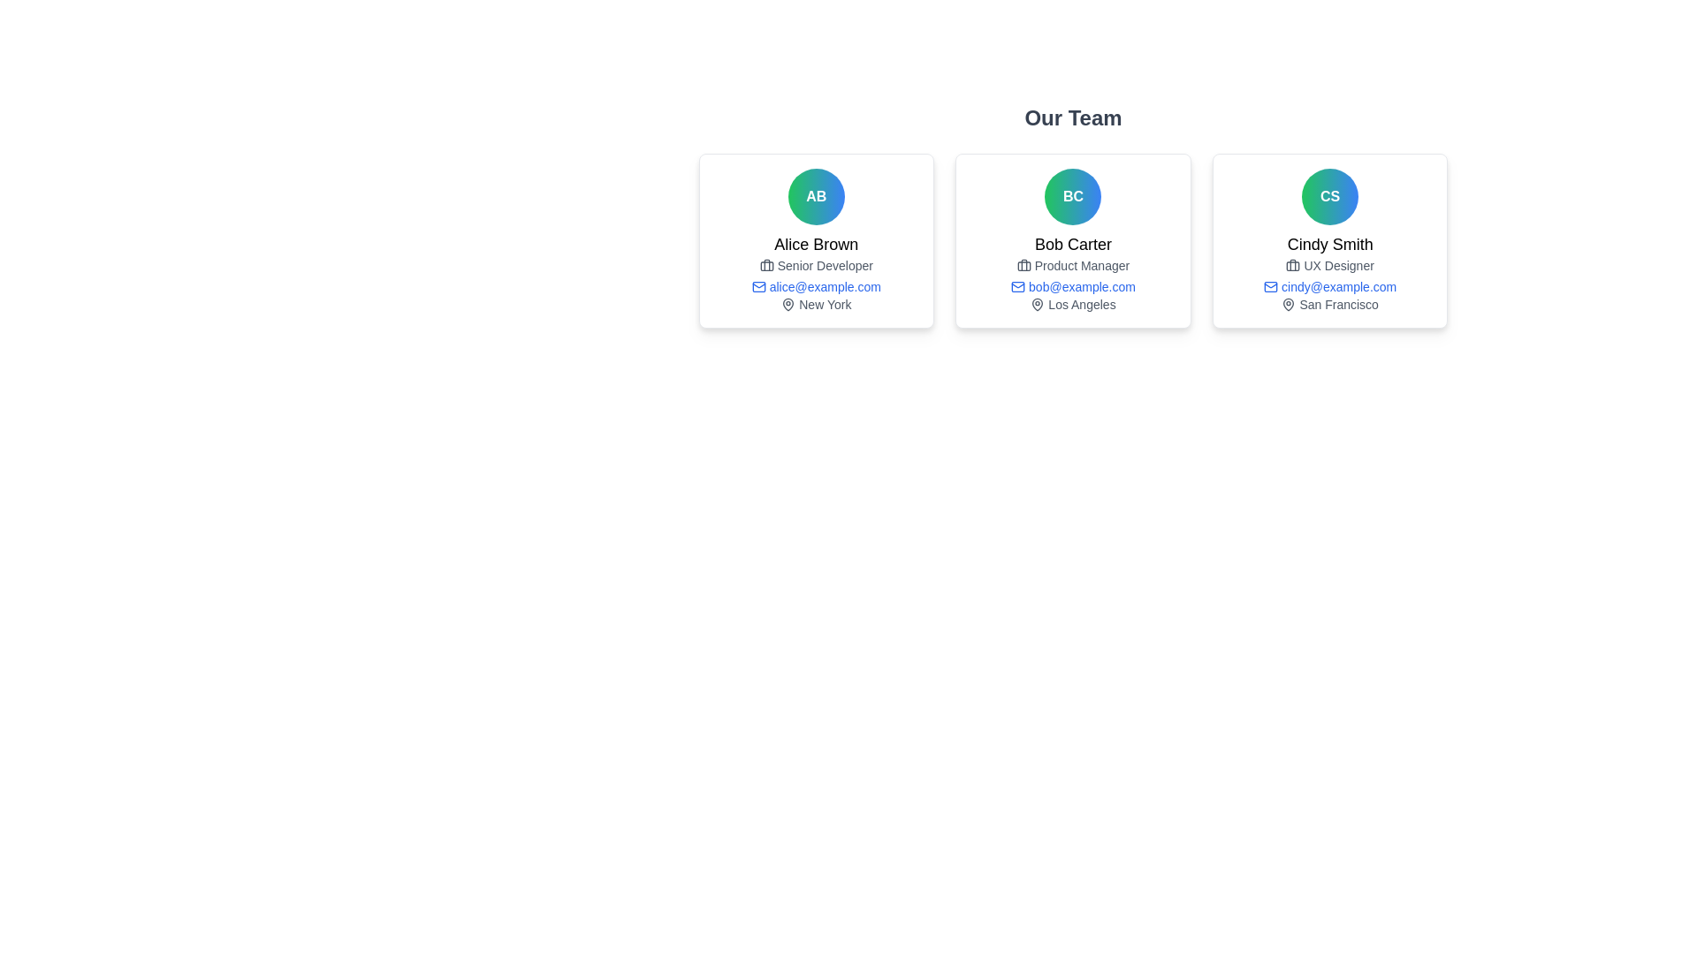 This screenshot has height=954, width=1697. I want to click on displayed text of the text label for 'Cindy Smith', which is centrally positioned within the card below the avatar and above the job title, so click(1330, 245).